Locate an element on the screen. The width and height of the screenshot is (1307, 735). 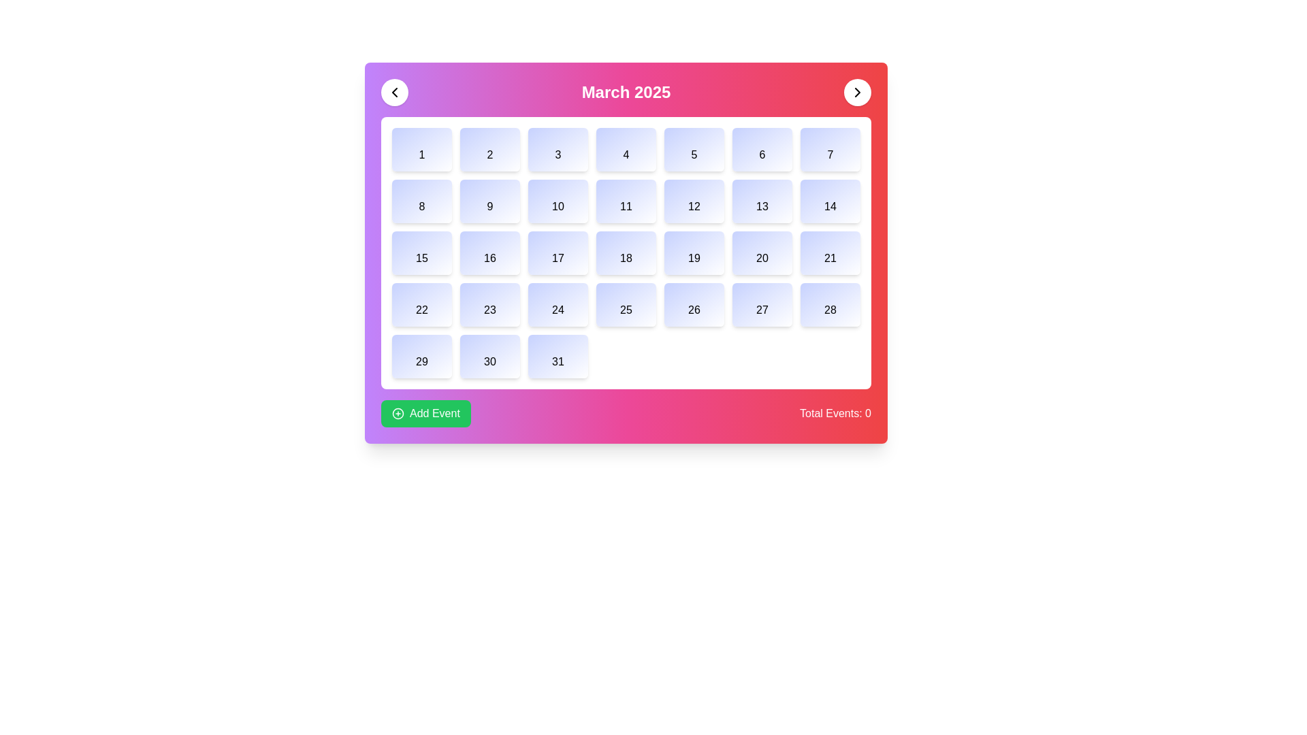
the leftward-pointing chevron arrow icon located in the navigation controls for moving between calendar months on the left side of the top bar labeled 'March 2025' is located at coordinates (394, 92).